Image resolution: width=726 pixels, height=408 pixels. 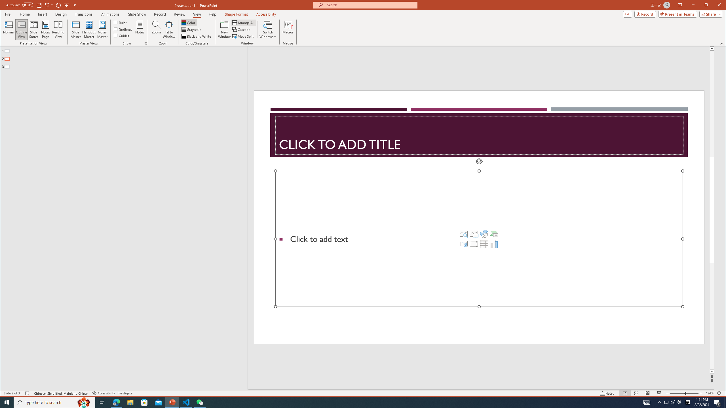 I want to click on 'Notes Master', so click(x=102, y=29).